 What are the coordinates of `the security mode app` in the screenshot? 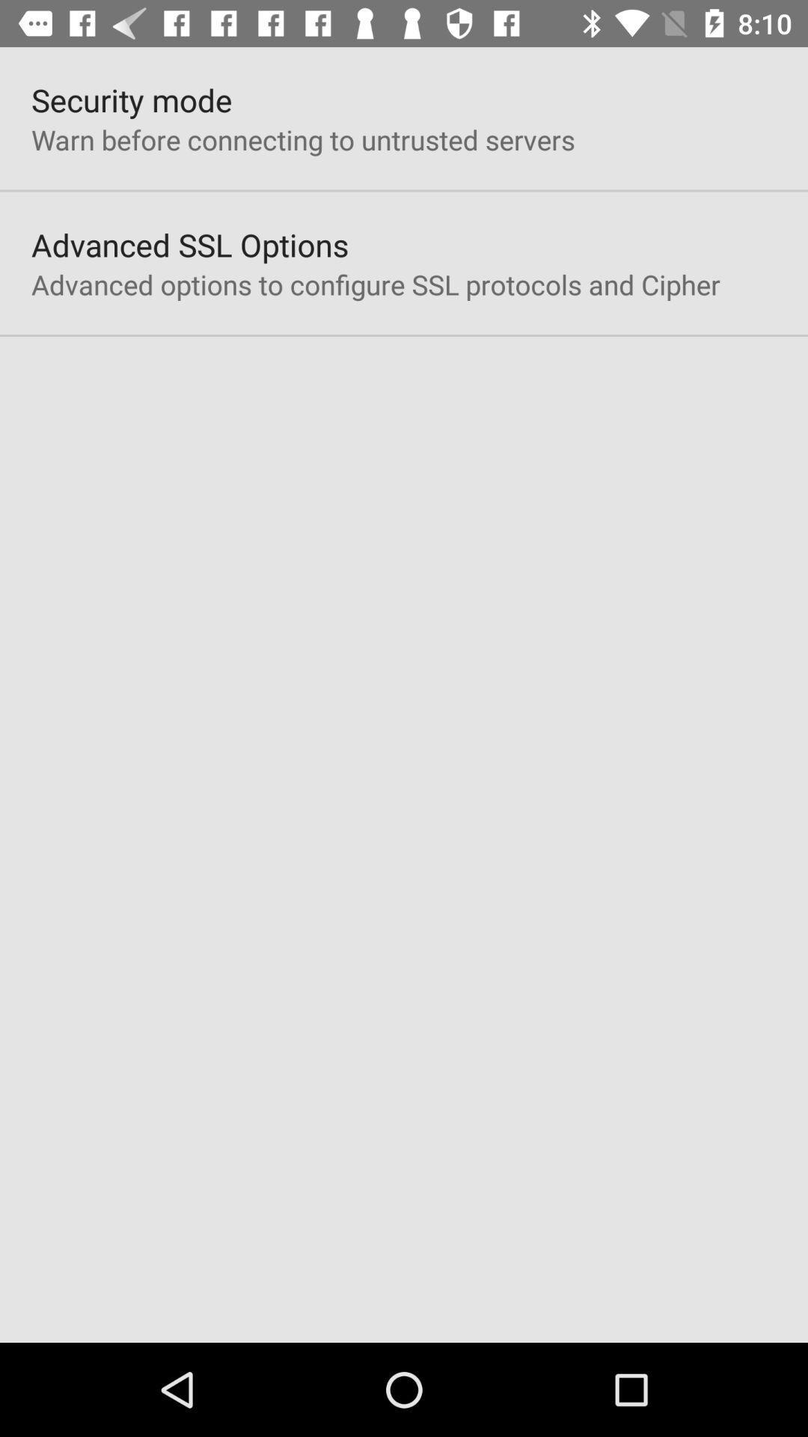 It's located at (131, 99).